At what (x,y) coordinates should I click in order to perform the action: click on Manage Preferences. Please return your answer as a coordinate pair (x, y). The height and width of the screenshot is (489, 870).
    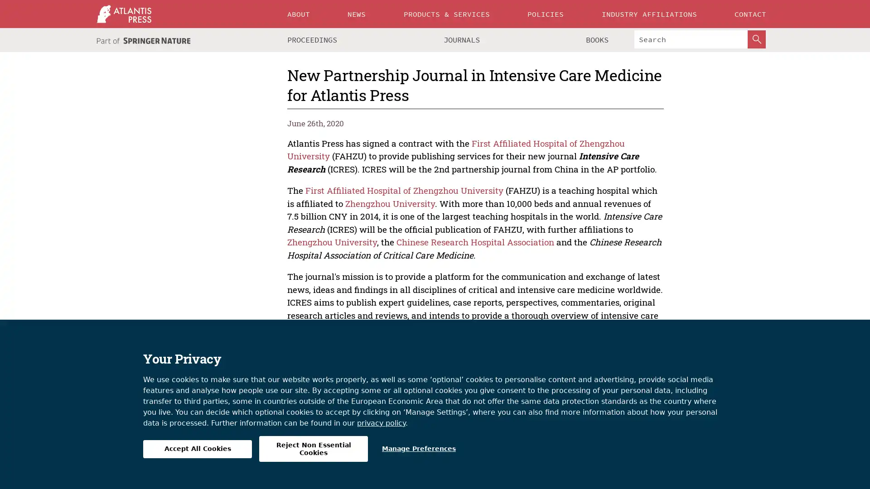
    Looking at the image, I should click on (418, 449).